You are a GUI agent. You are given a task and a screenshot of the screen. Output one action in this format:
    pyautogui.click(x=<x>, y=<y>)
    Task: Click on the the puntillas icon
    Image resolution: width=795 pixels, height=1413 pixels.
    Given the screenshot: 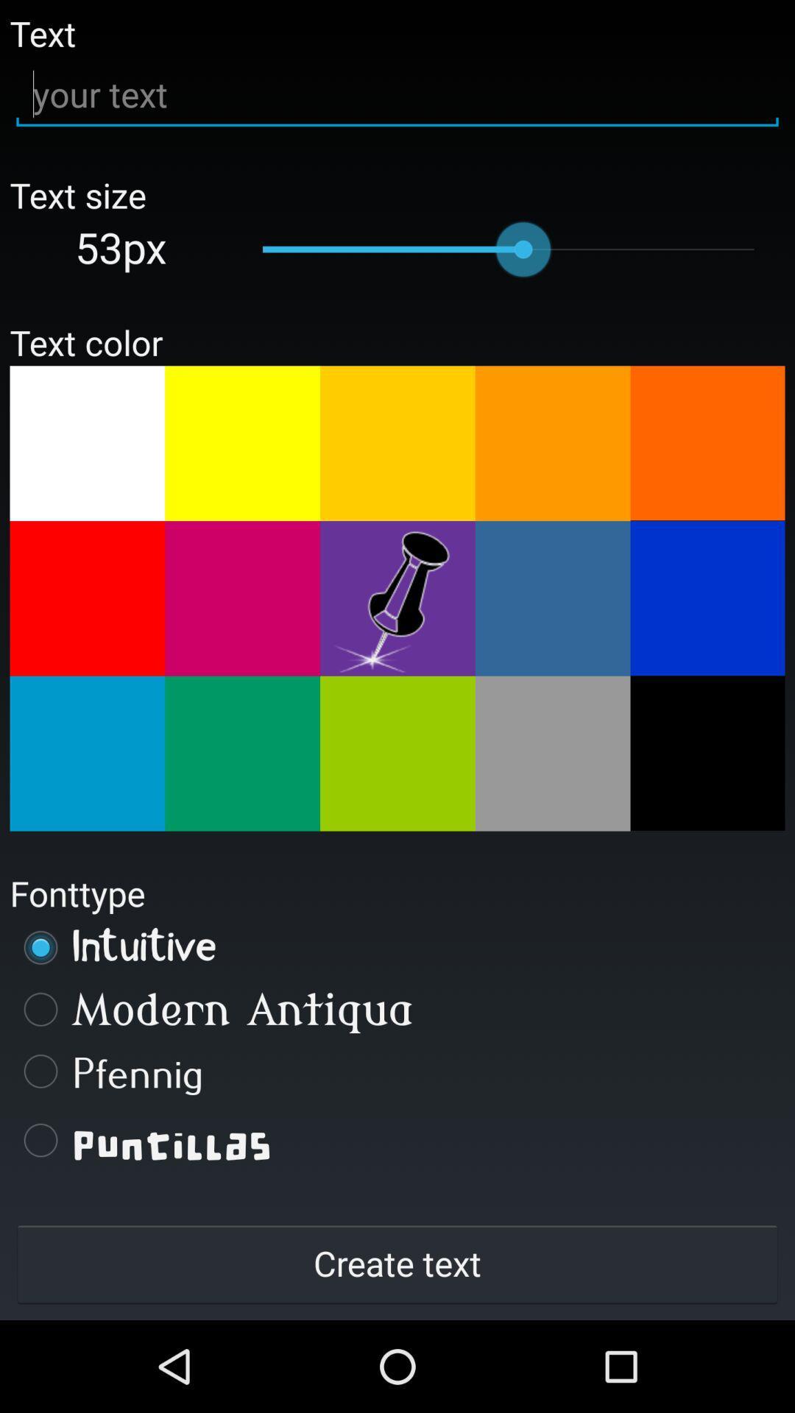 What is the action you would take?
    pyautogui.click(x=397, y=1139)
    